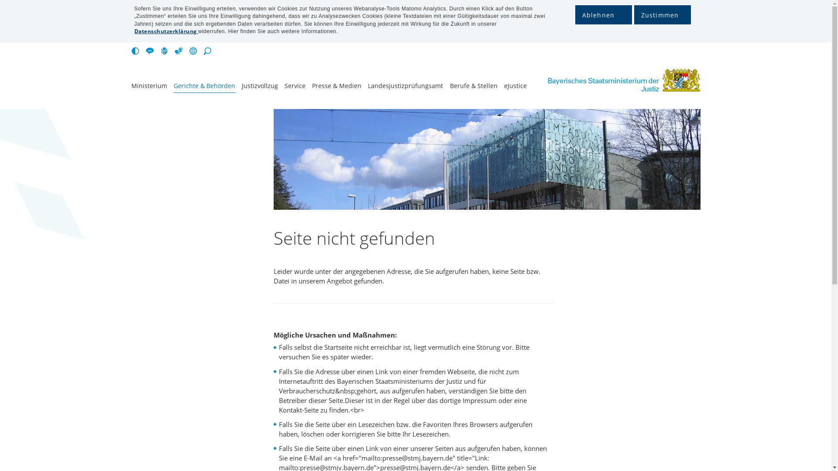 This screenshot has width=838, height=471. I want to click on 'Ablehnen', so click(603, 15).